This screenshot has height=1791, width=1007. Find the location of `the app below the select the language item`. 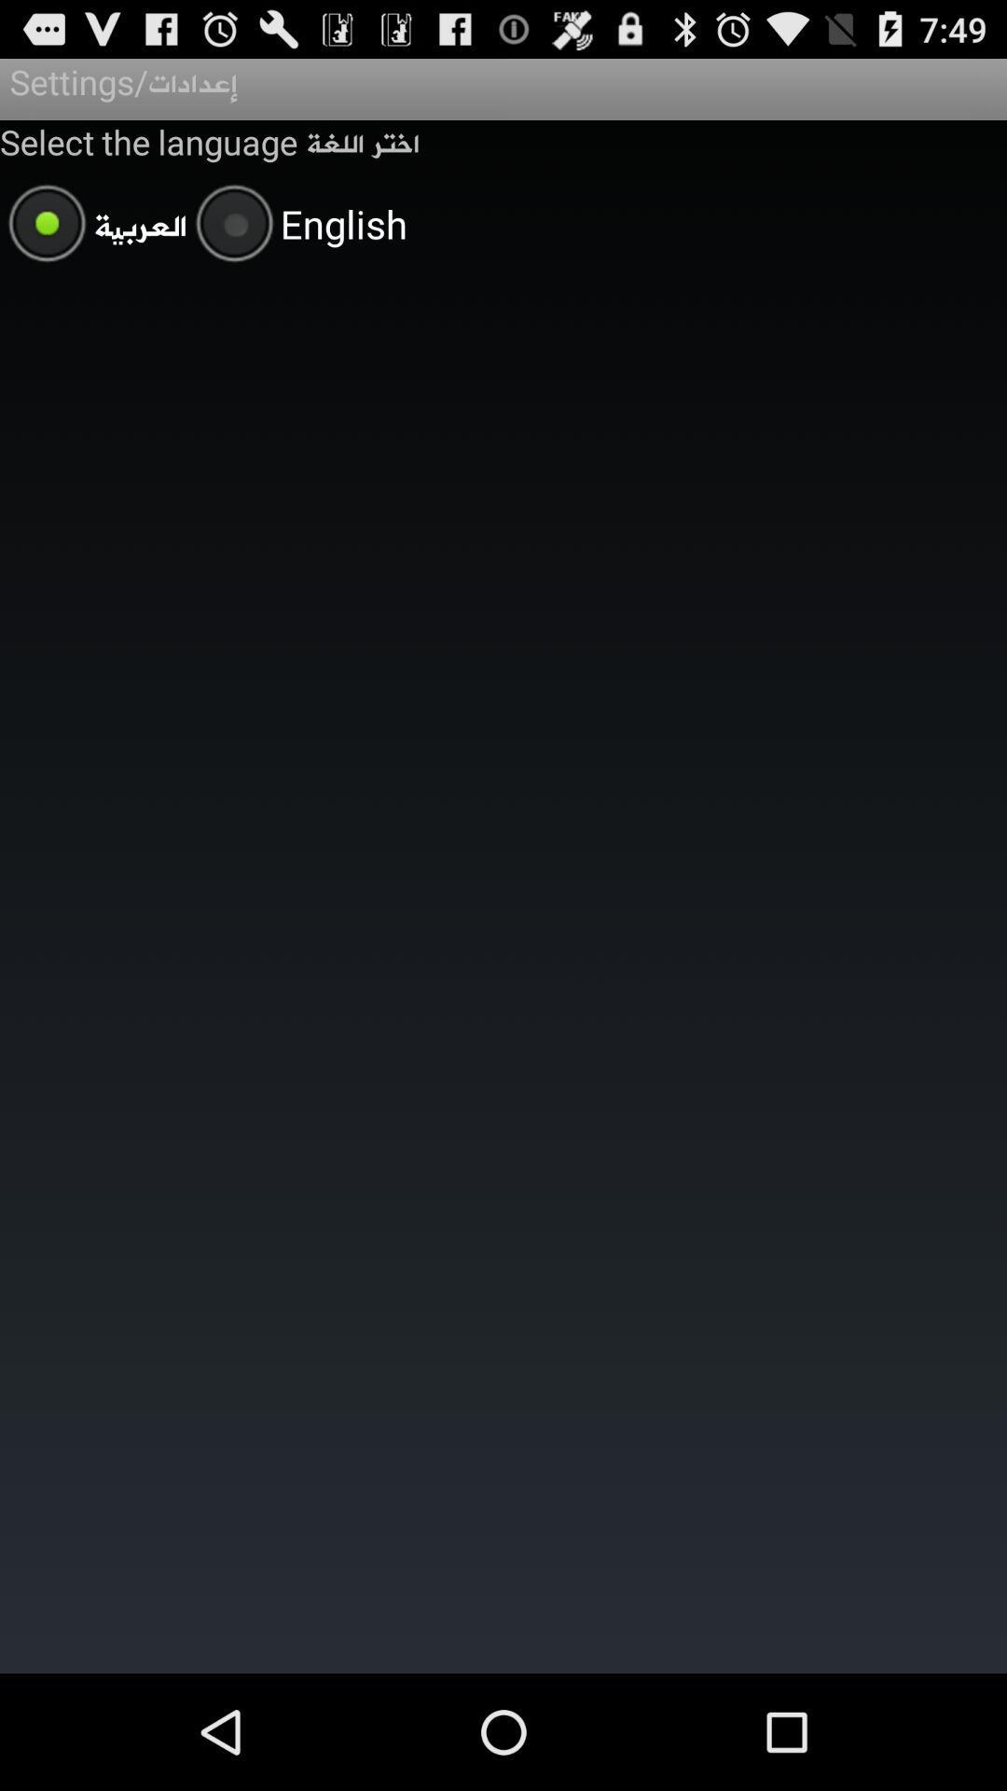

the app below the select the language item is located at coordinates (93, 226).